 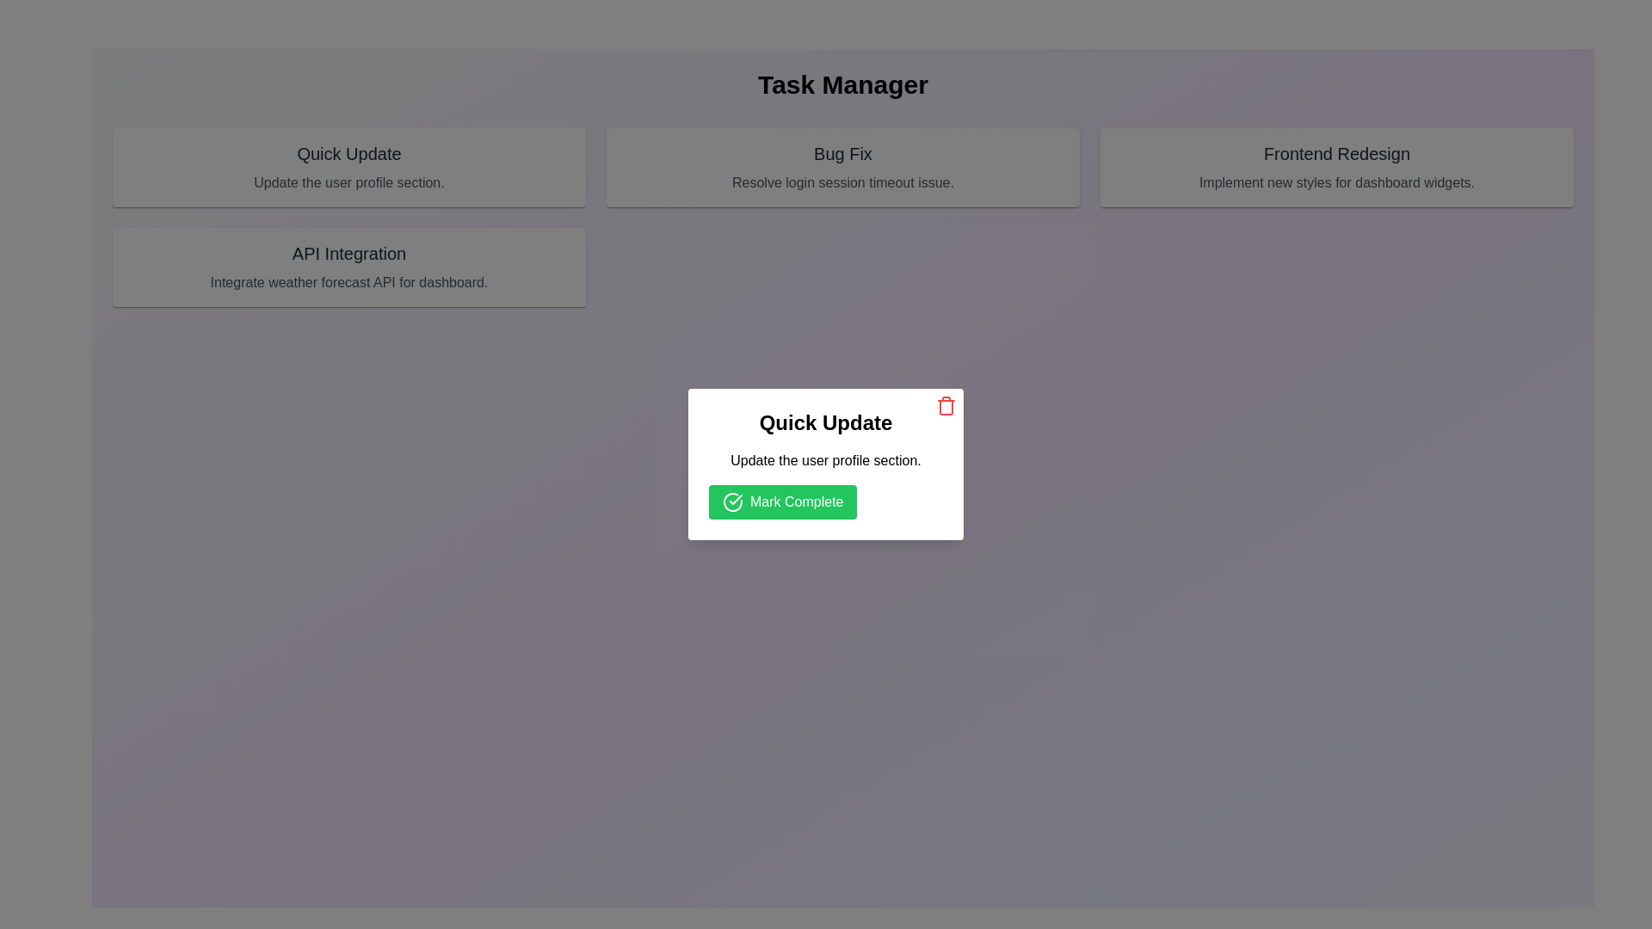 What do you see at coordinates (833, 157) in the screenshot?
I see `text from the 'Bug Fix' card, which has a muted gray background and contains the title 'Bug Fix' in bold at the top and the description 'Resolve login session timeout issue.' below it` at bounding box center [833, 157].